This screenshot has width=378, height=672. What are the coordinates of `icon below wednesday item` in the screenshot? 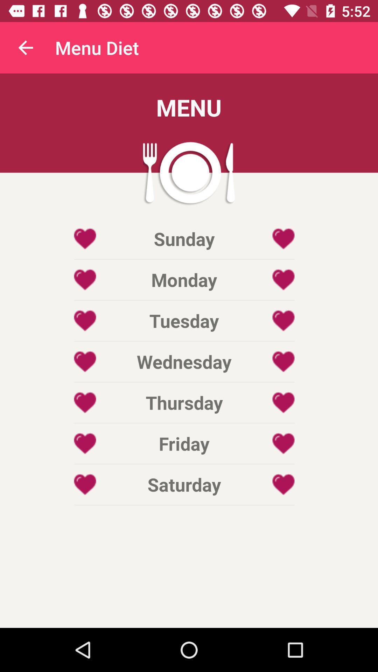 It's located at (184, 402).